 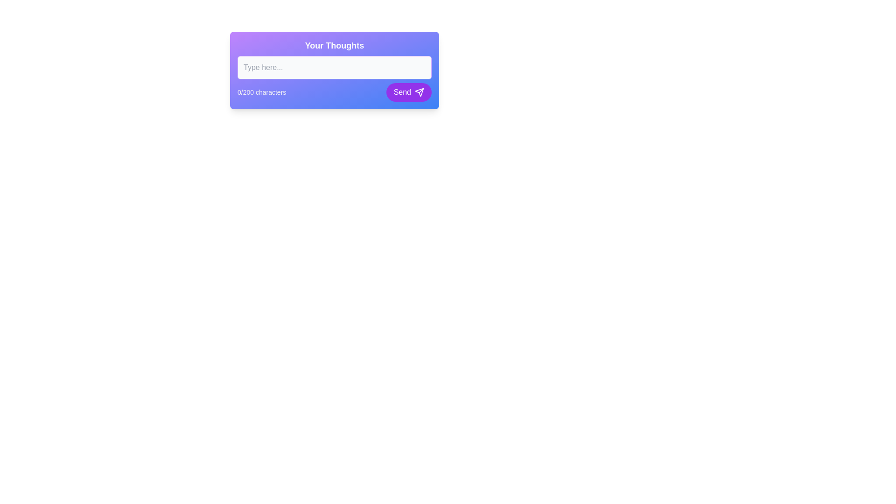 I want to click on the static text label displaying the counter '0/200 characters', which is styled with a small font size and light gray color, located to the left of the 'Send' button, so click(x=261, y=92).